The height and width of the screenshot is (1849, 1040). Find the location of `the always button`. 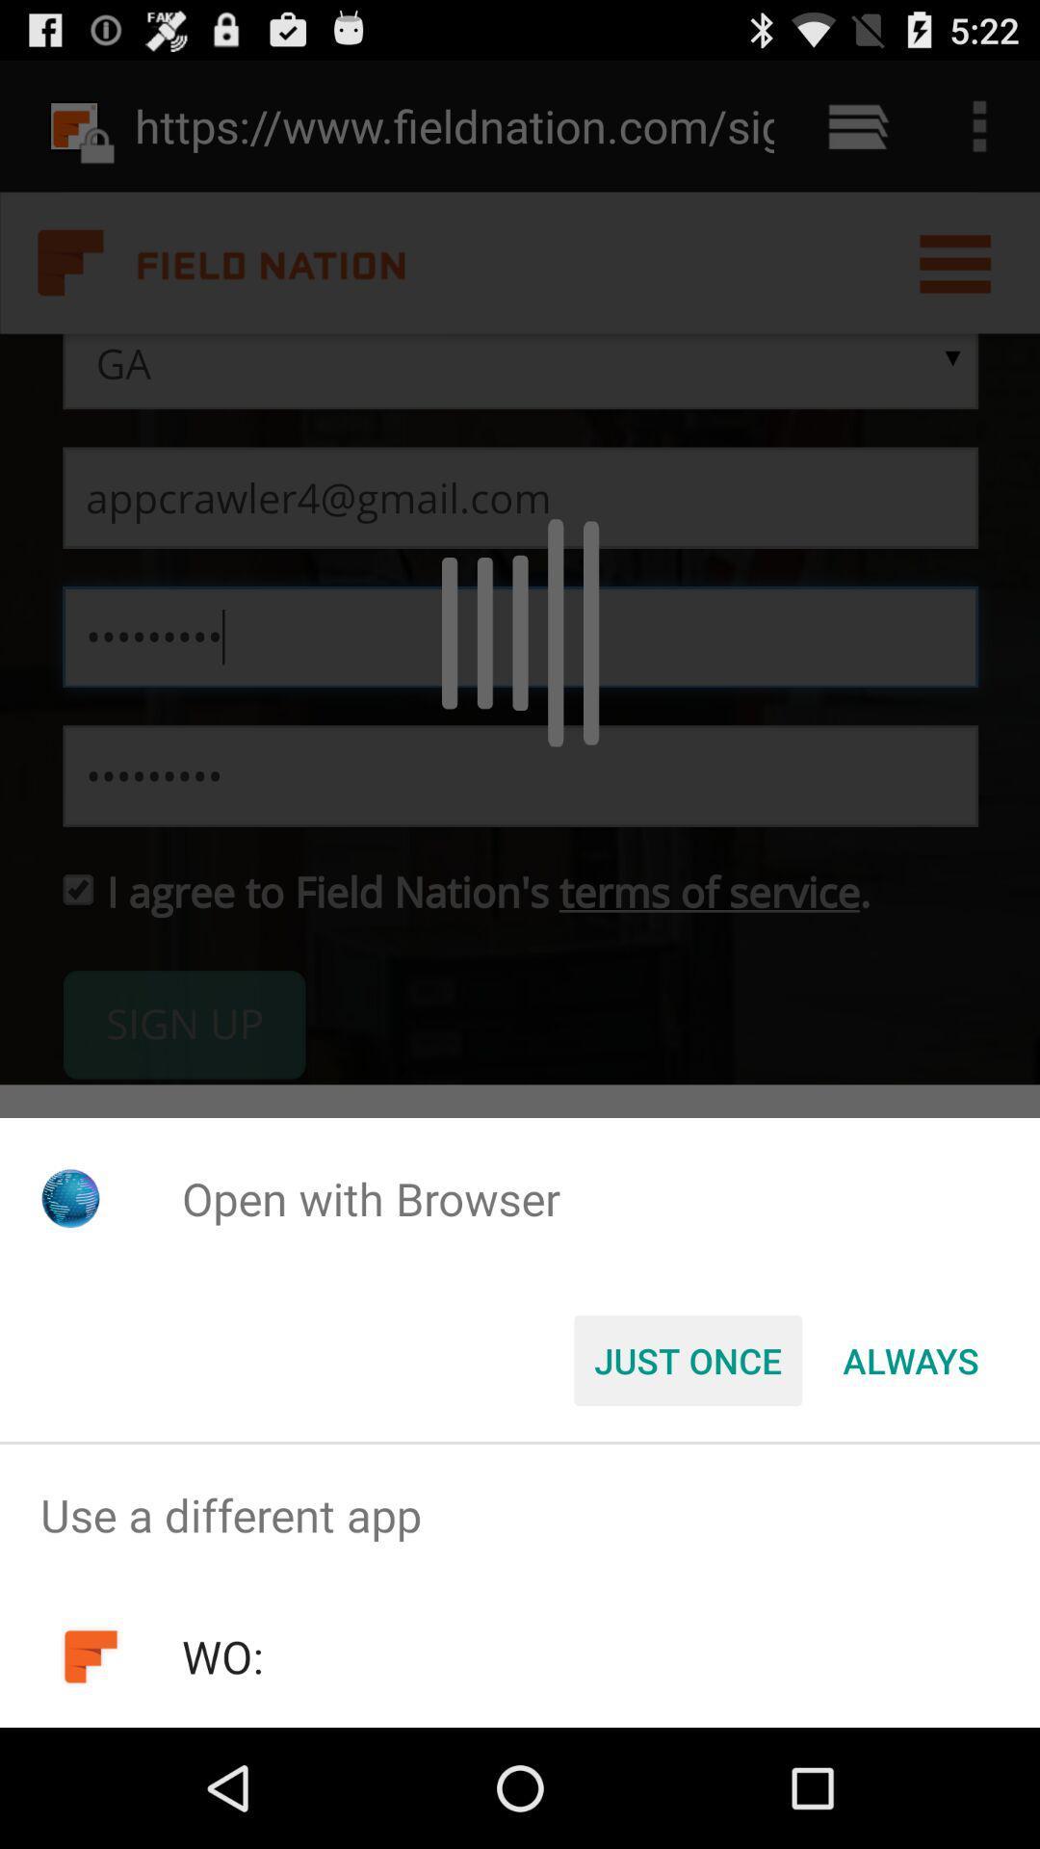

the always button is located at coordinates (910, 1359).